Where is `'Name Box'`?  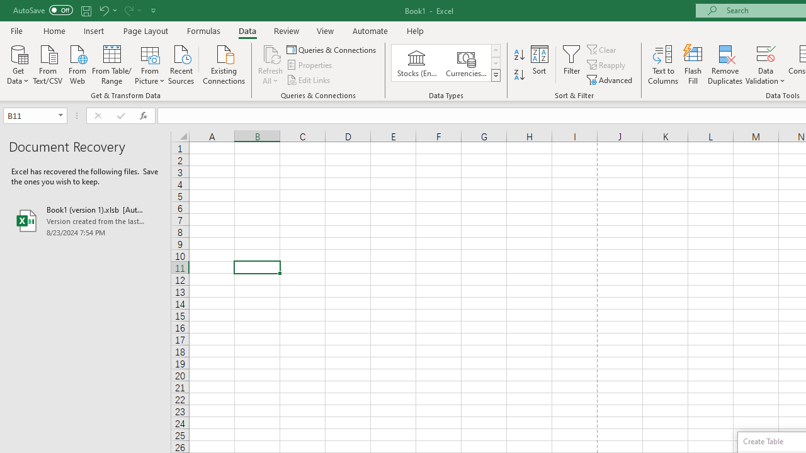 'Name Box' is located at coordinates (30, 115).